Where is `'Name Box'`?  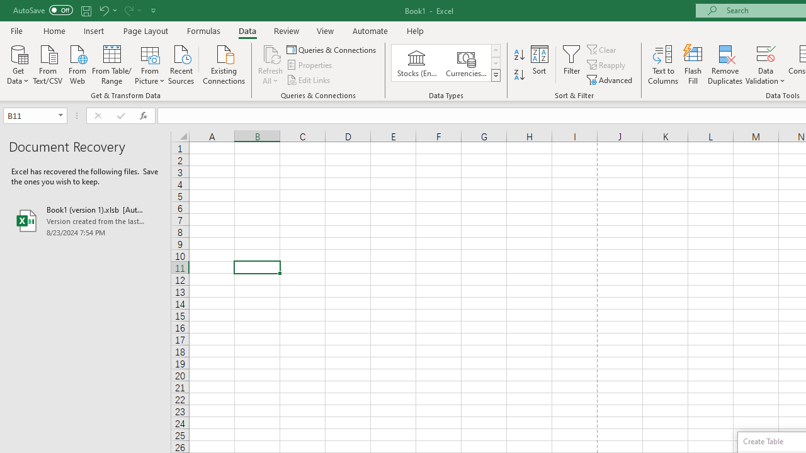 'Name Box' is located at coordinates (30, 115).